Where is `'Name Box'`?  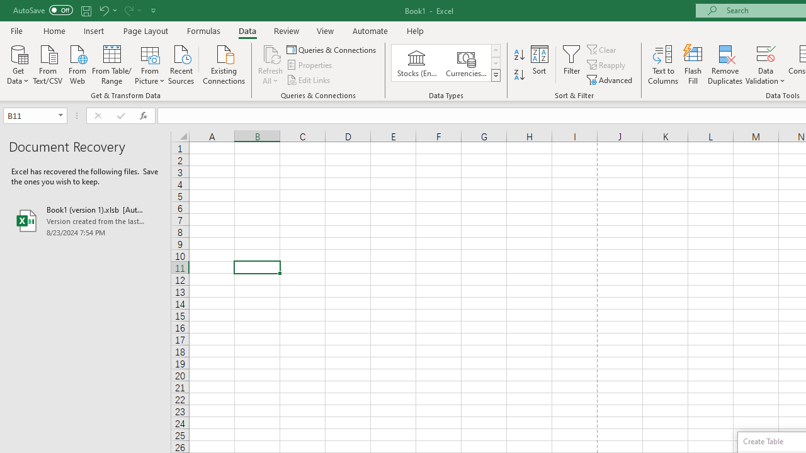 'Name Box' is located at coordinates (30, 115).